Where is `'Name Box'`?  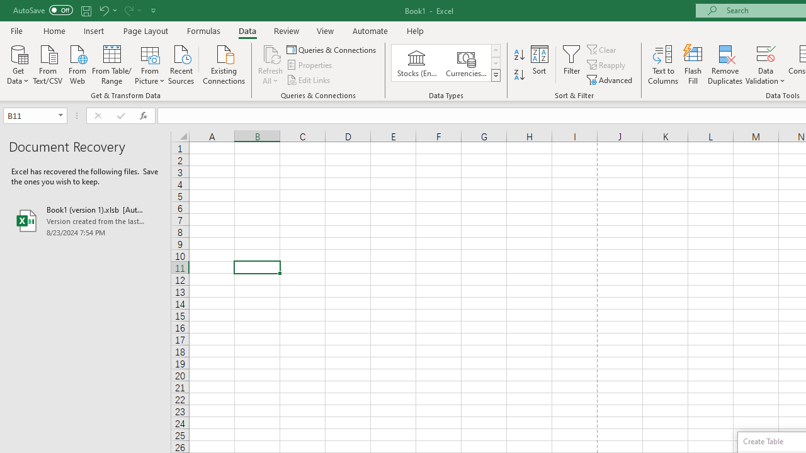 'Name Box' is located at coordinates (30, 115).